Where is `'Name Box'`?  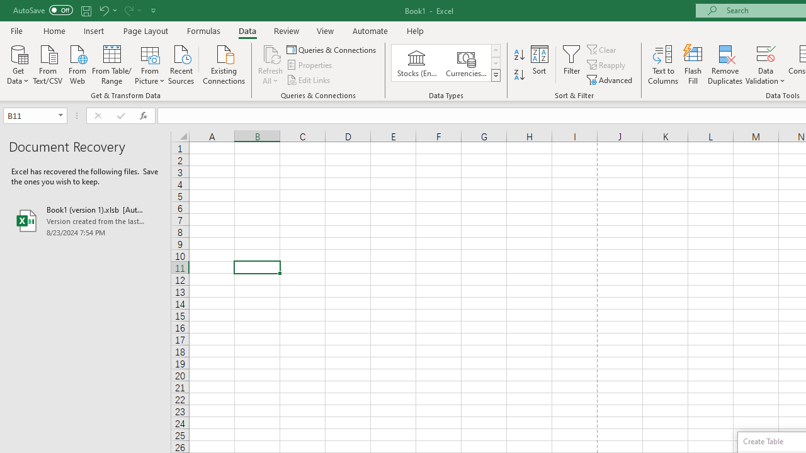 'Name Box' is located at coordinates (30, 115).